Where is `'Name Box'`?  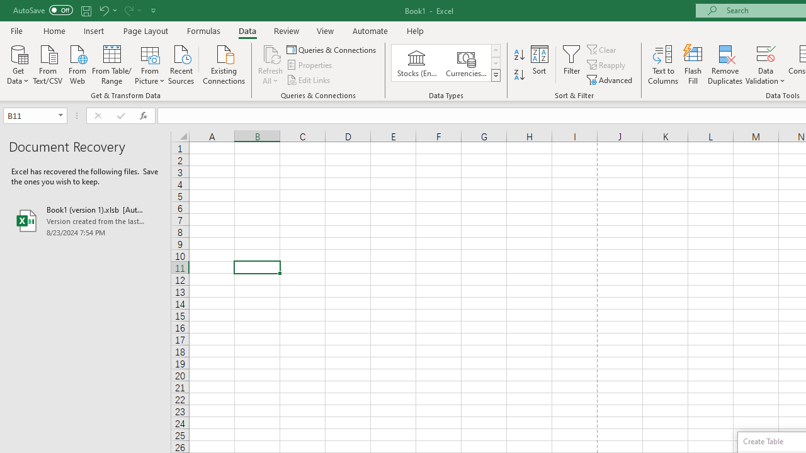 'Name Box' is located at coordinates (30, 115).